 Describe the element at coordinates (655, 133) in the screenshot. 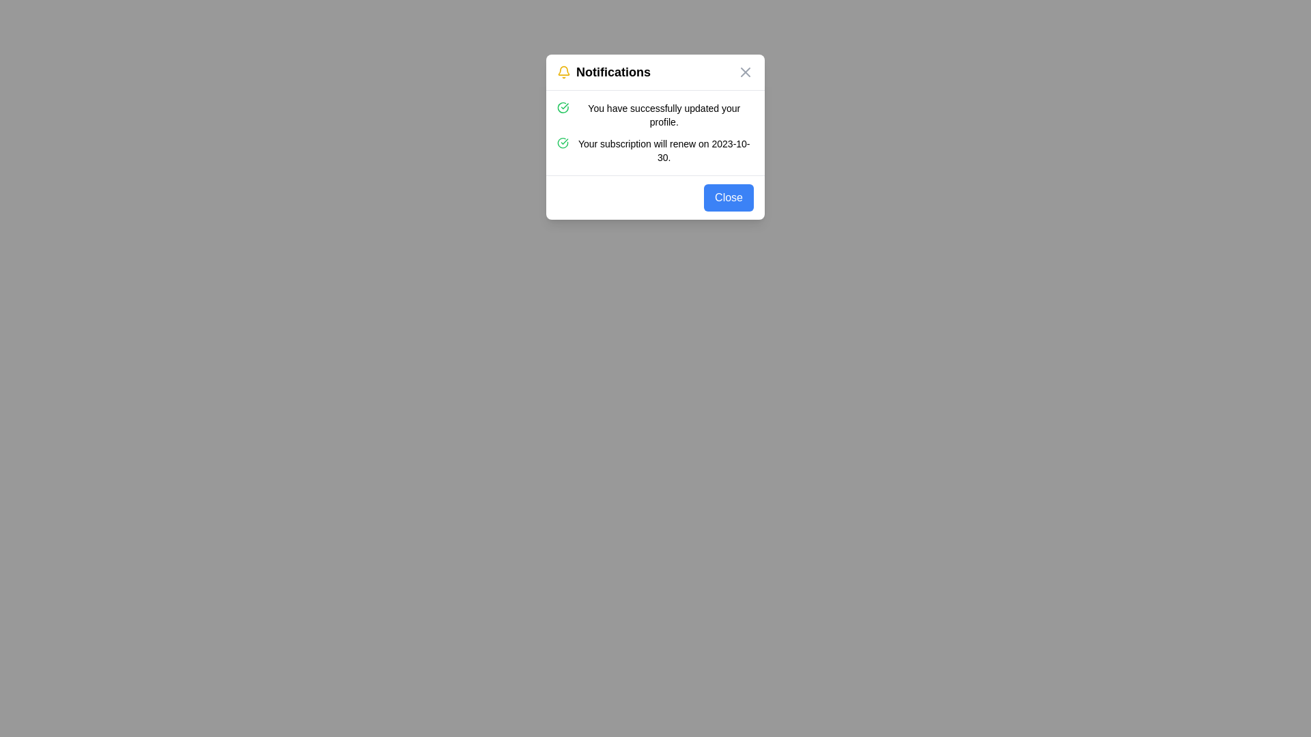

I see `confirmation messages in the Text content area located within the modal dialog box, situated below the 'Notifications' header and above the 'Close' button` at that location.